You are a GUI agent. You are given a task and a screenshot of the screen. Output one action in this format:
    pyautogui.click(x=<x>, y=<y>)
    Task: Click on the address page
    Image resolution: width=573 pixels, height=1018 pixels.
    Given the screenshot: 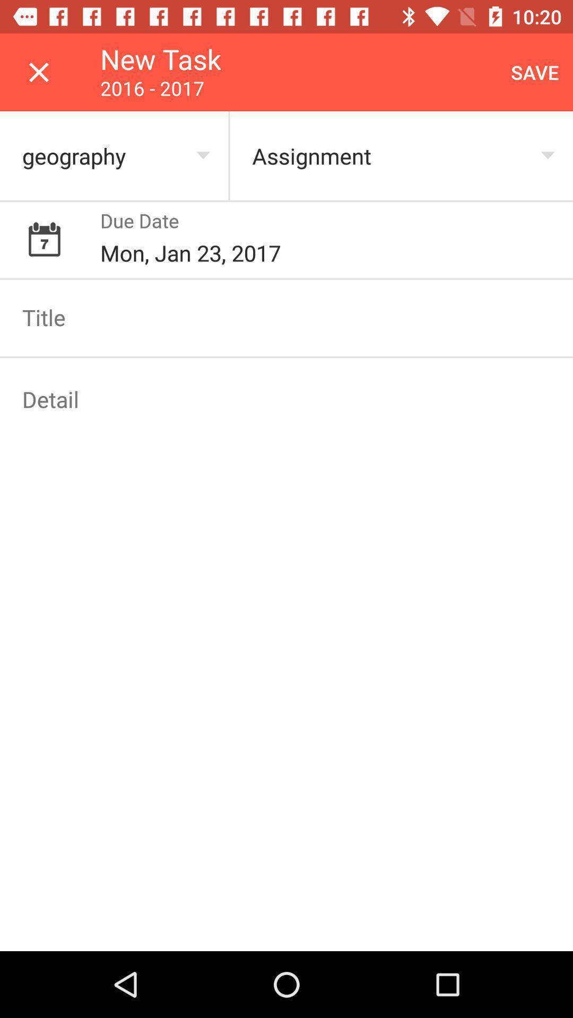 What is the action you would take?
    pyautogui.click(x=286, y=399)
    